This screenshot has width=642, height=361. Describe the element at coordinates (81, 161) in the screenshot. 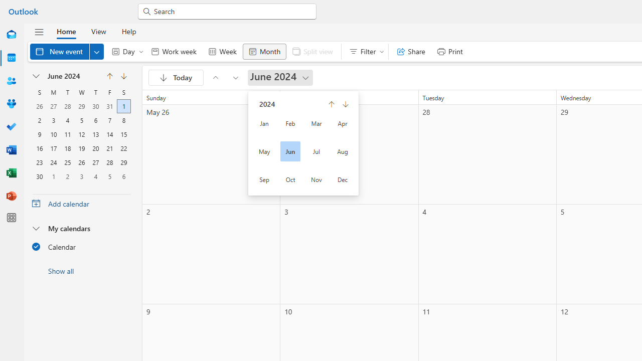

I see `'26, June, 2024'` at that location.